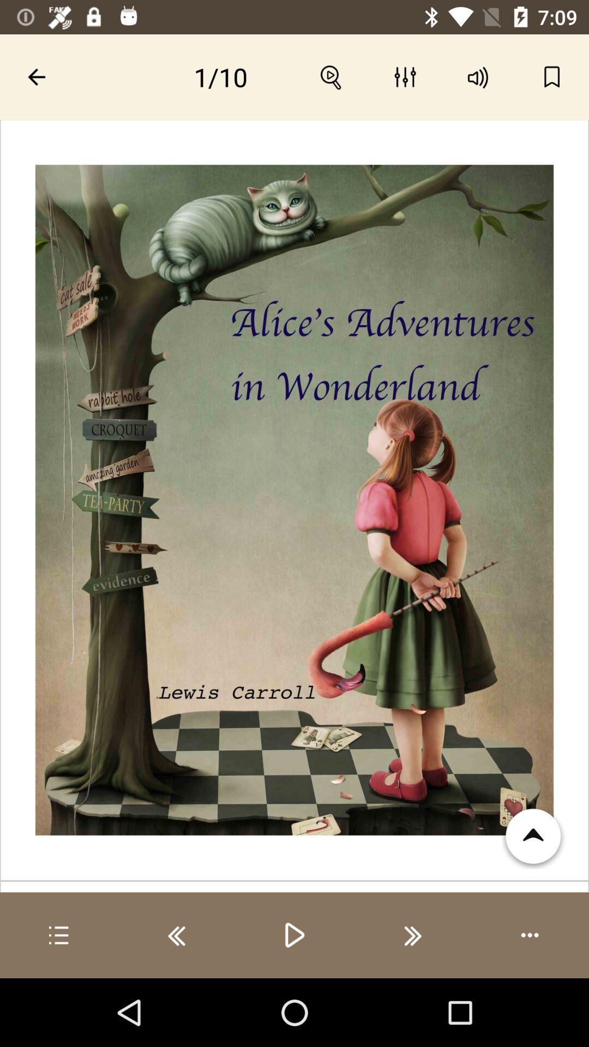 This screenshot has height=1047, width=589. What do you see at coordinates (412, 935) in the screenshot?
I see `next image` at bounding box center [412, 935].